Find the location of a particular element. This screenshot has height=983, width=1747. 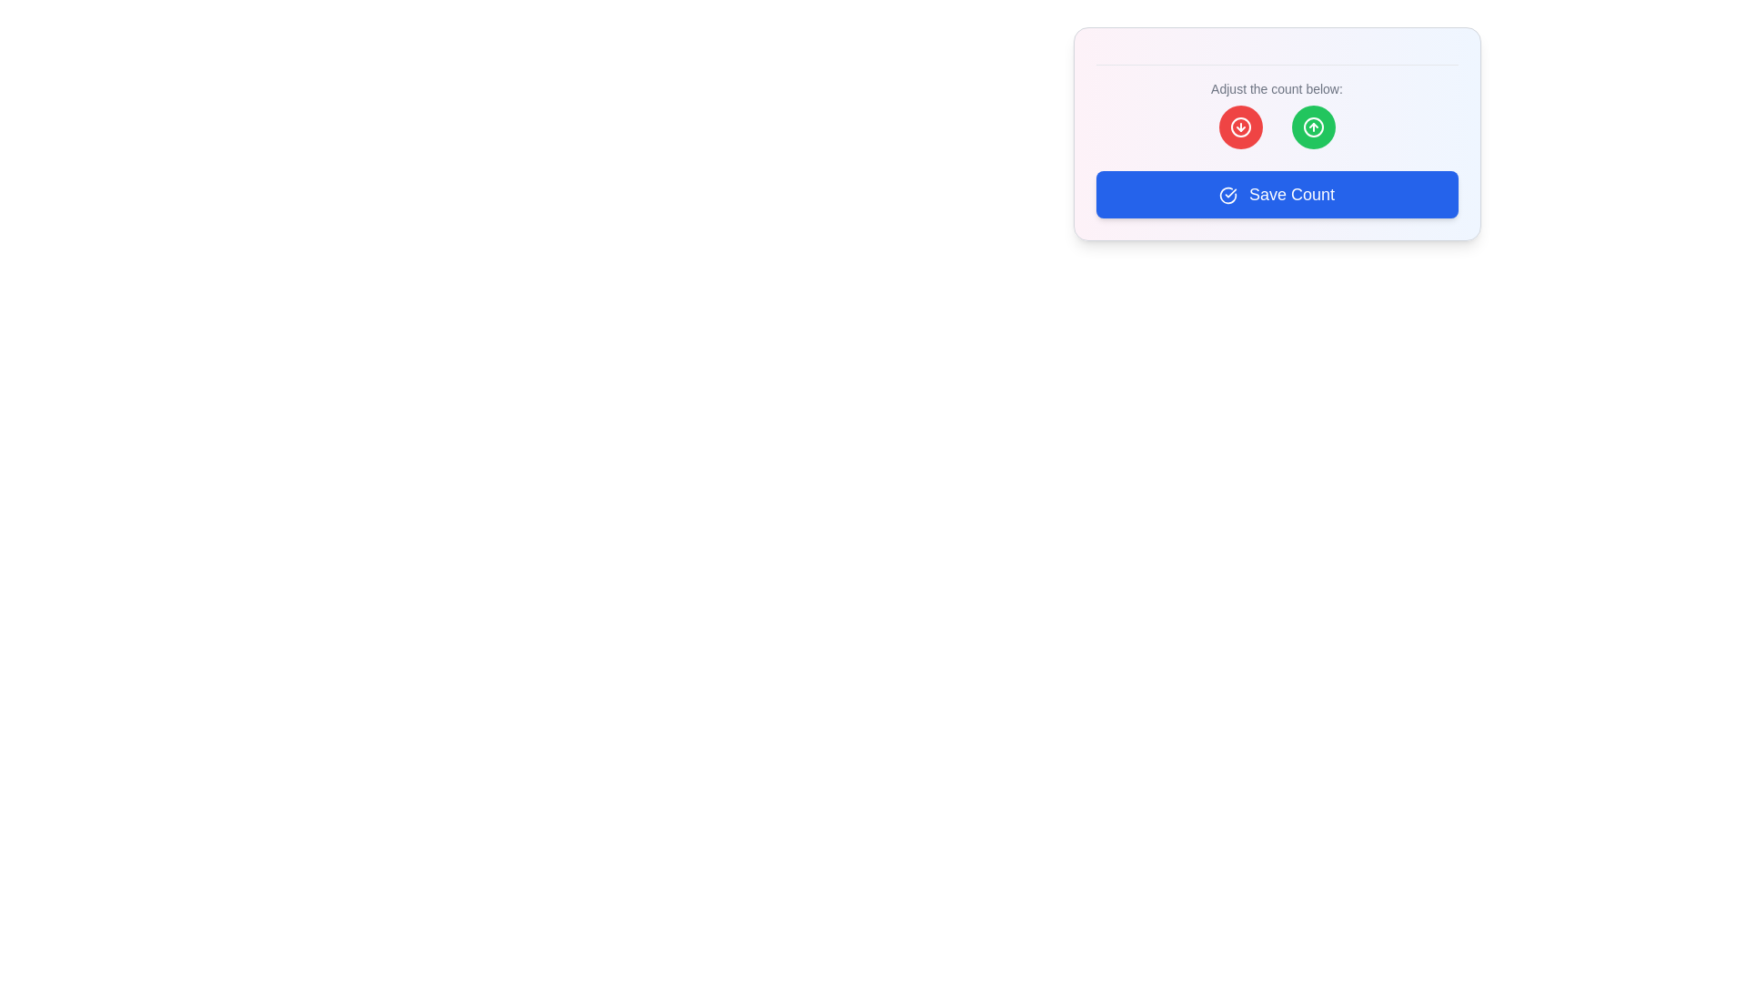

the circular graphical element within the SVG icon, which is positioned near the top center-left of the interface box containing adjustment and save buttons is located at coordinates (1239, 126).